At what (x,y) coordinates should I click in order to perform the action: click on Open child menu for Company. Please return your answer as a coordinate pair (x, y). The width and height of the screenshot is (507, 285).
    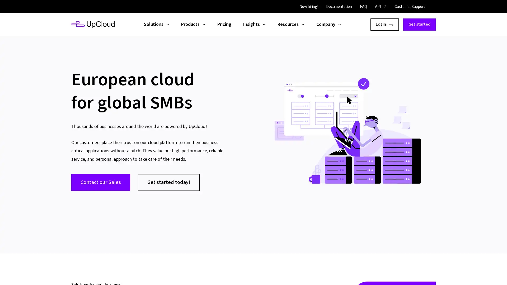
    Looking at the image, I should click on (340, 24).